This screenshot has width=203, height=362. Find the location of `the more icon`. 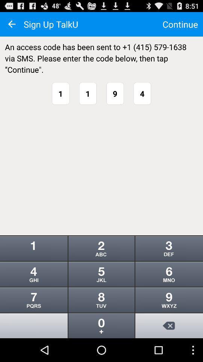

the more icon is located at coordinates (101, 321).